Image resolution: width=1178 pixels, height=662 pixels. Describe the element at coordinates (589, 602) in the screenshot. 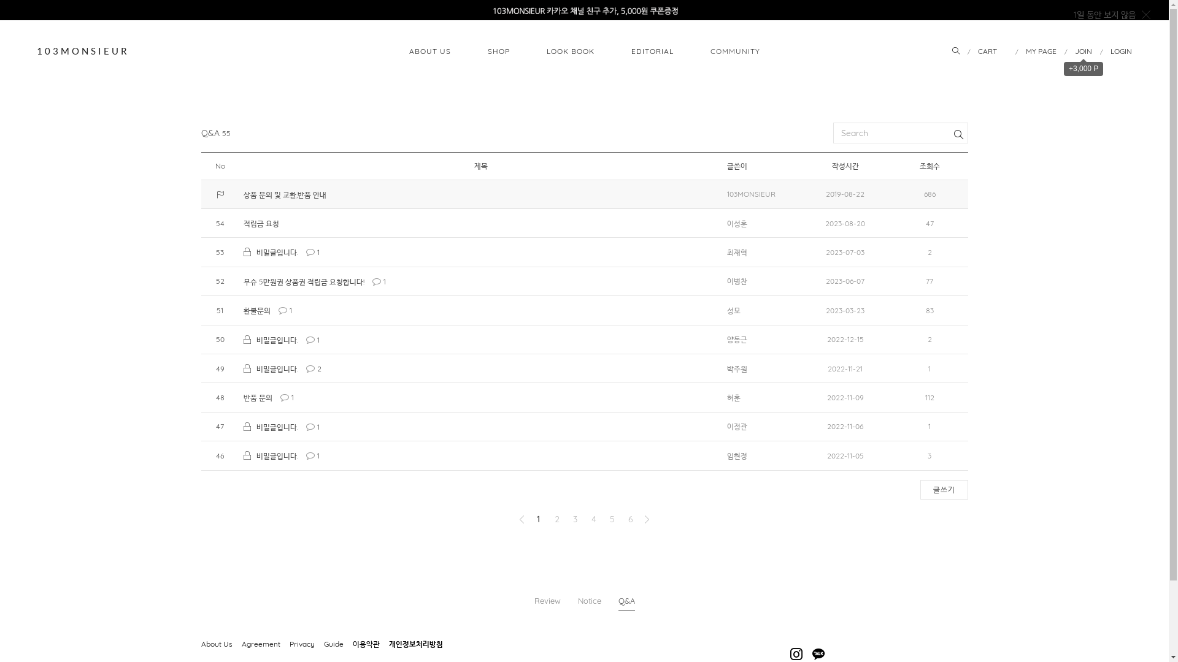

I see `'Notice'` at that location.